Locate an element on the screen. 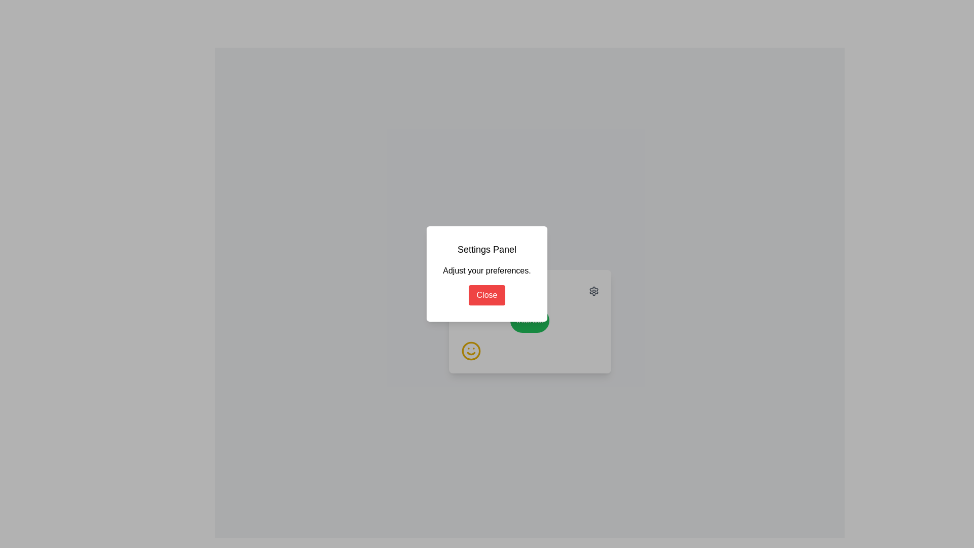  the 'Close' button with a red background and white text located at the bottom of the 'Settings Panel' is located at coordinates (487, 295).